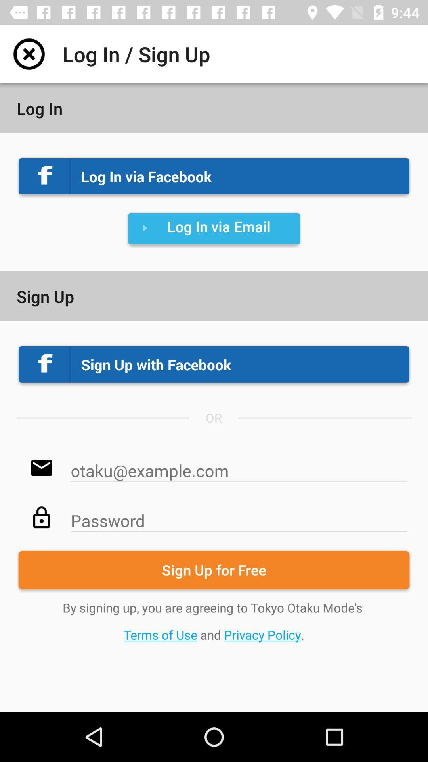 Image resolution: width=428 pixels, height=762 pixels. I want to click on the icon above the log in item, so click(29, 54).